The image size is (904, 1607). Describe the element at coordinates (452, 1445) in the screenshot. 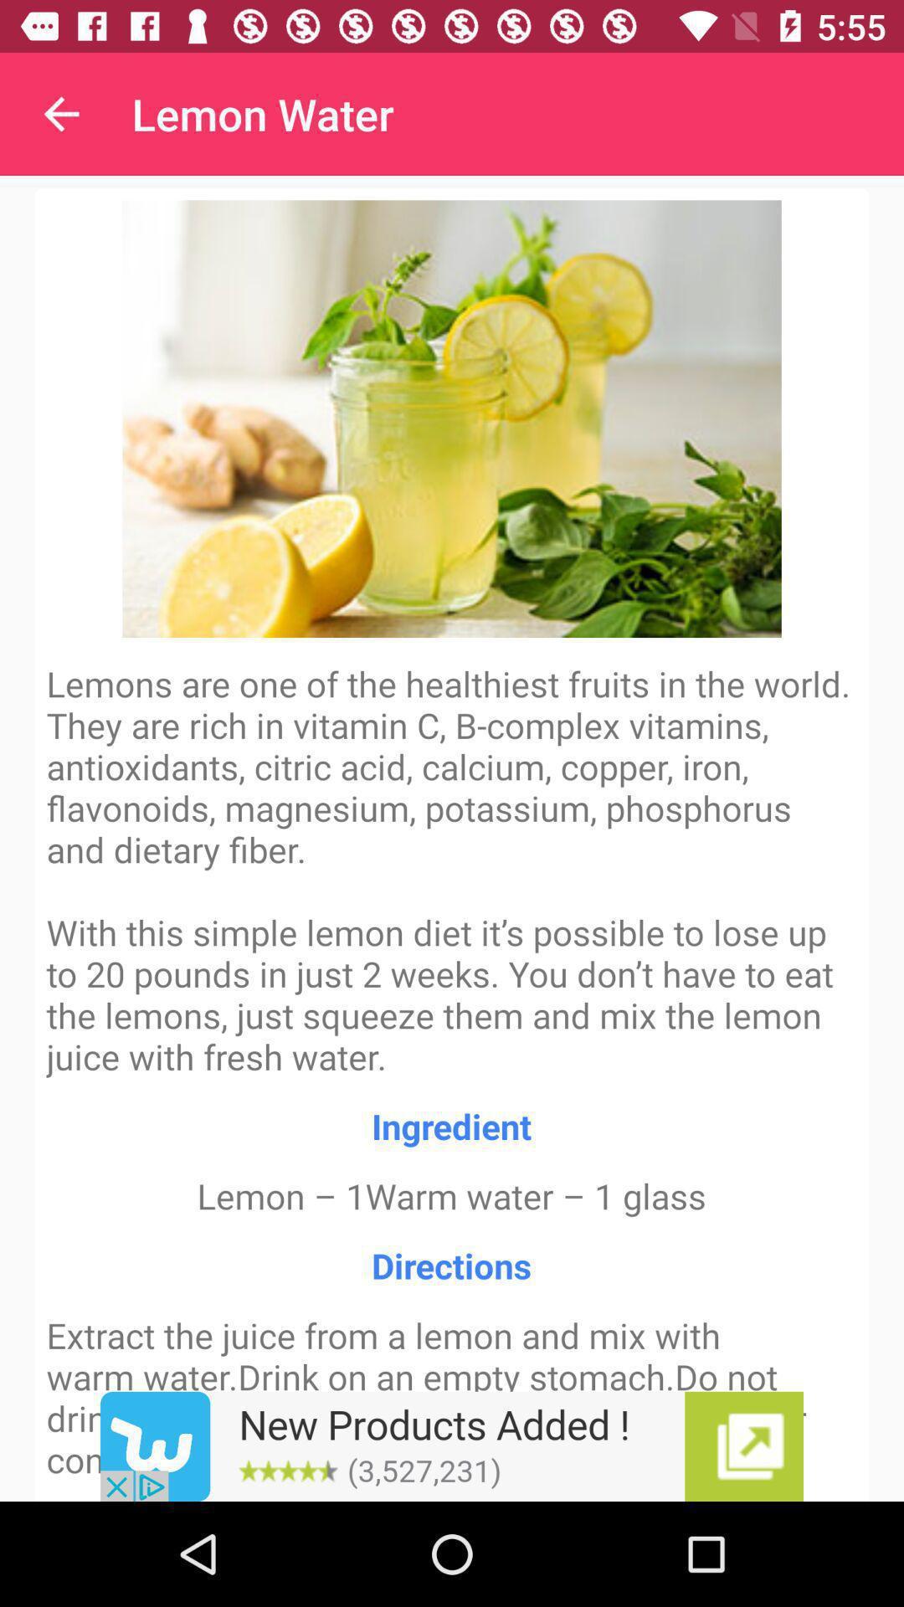

I see `advertisement` at that location.